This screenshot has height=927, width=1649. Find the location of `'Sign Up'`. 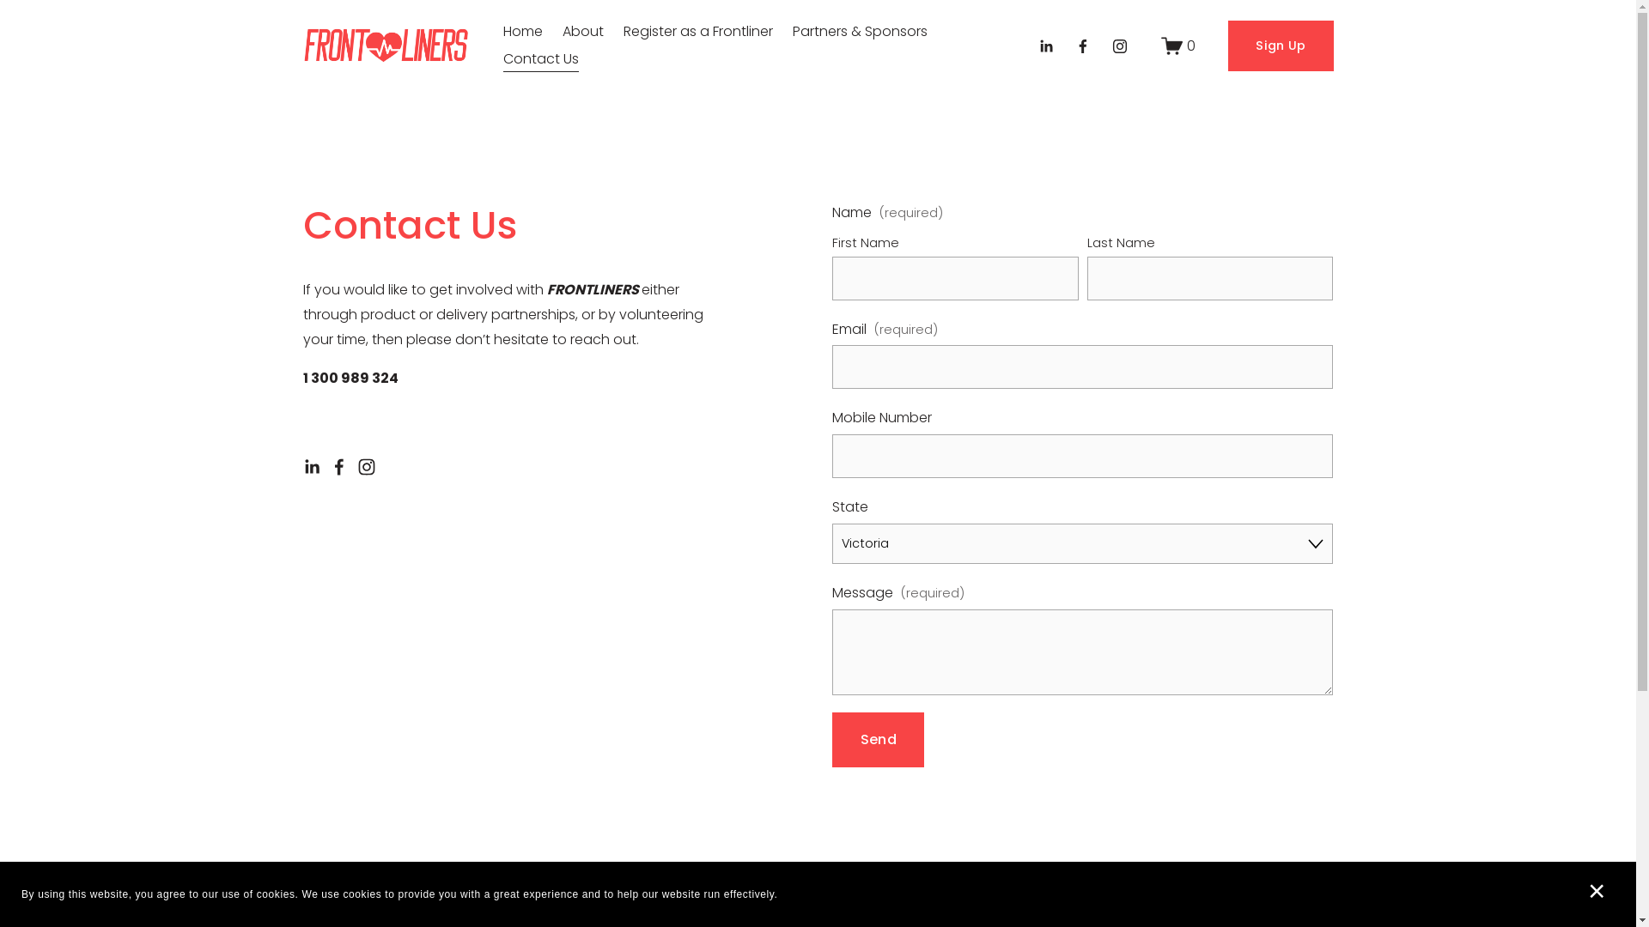

'Sign Up' is located at coordinates (1227, 45).